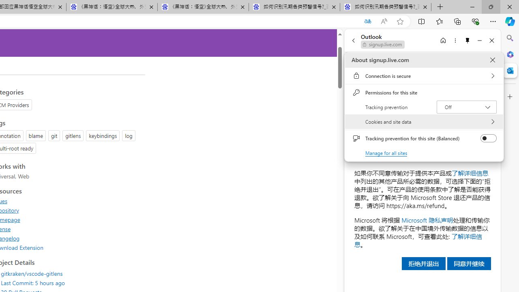  Describe the element at coordinates (386, 153) in the screenshot. I see `'Manage for all sites'` at that location.